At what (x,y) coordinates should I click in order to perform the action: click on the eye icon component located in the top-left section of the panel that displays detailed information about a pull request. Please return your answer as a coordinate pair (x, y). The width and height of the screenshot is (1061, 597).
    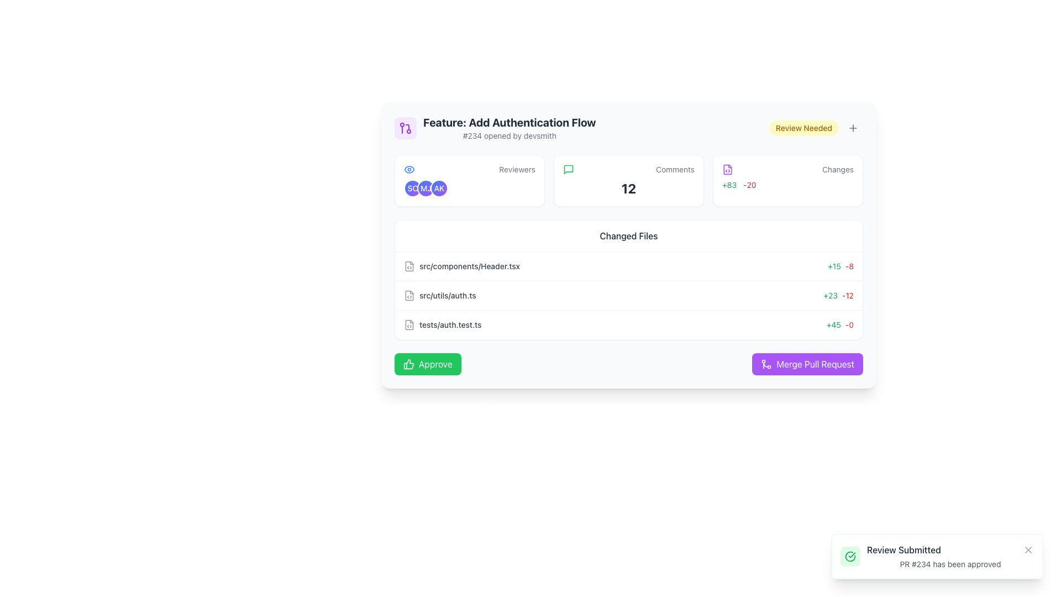
    Looking at the image, I should click on (408, 170).